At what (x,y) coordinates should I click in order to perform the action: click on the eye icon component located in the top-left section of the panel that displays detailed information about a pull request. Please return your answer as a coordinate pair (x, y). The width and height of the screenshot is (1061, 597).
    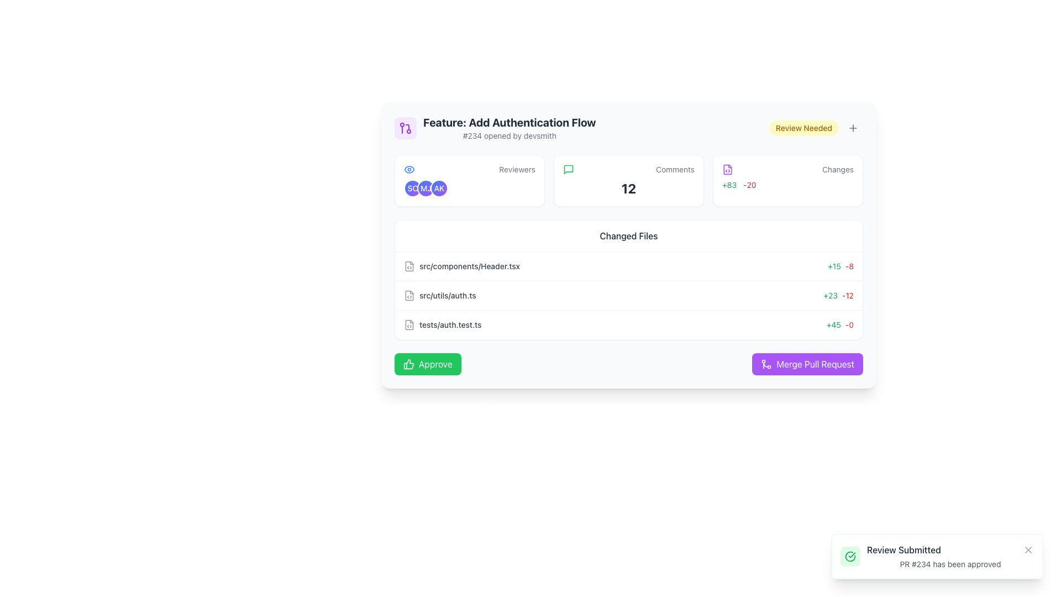
    Looking at the image, I should click on (408, 170).